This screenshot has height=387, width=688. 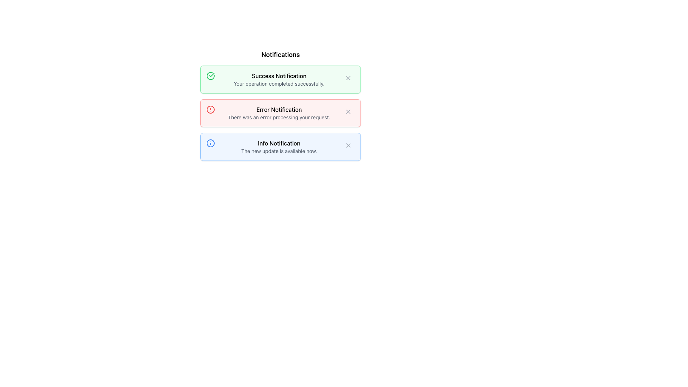 What do you see at coordinates (278, 143) in the screenshot?
I see `the static text element displaying 'Info Notification', which is styled with medium weight font and located at the top of the blue-bordered notification block` at bounding box center [278, 143].